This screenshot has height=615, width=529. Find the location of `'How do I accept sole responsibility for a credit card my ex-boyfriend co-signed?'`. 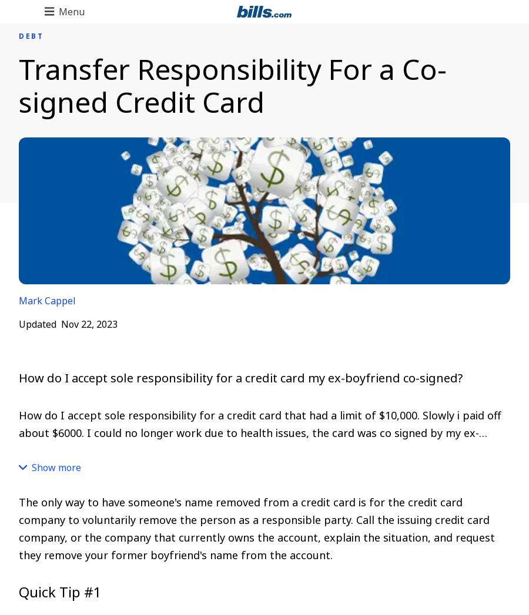

'How do I accept sole responsibility for a credit card my ex-boyfriend co-signed?' is located at coordinates (18, 378).